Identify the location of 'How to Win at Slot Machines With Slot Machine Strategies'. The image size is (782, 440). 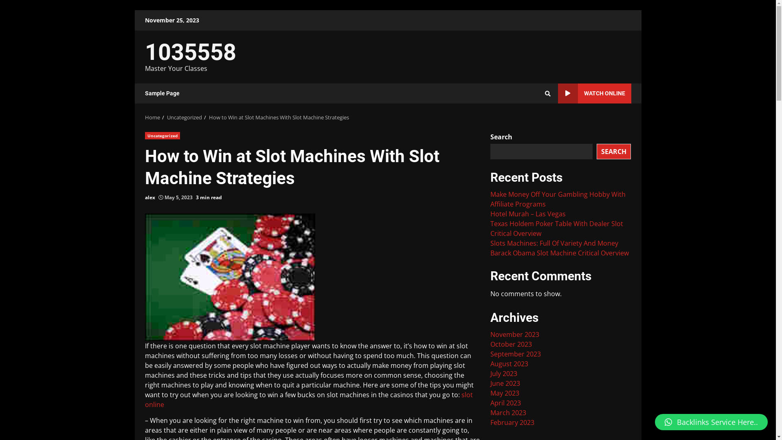
(209, 117).